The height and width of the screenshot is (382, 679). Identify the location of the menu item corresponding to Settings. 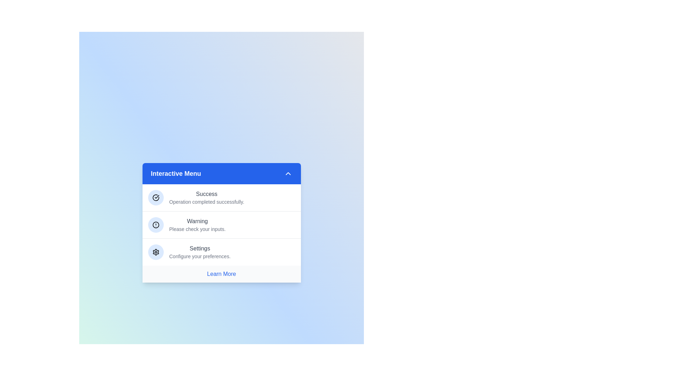
(221, 251).